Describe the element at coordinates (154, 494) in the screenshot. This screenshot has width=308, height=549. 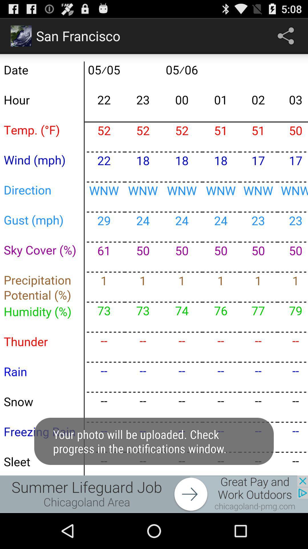
I see `open advertisement` at that location.